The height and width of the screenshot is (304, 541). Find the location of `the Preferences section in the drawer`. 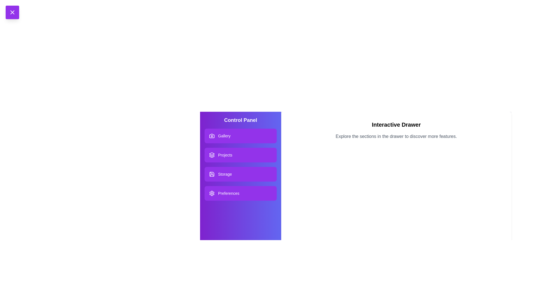

the Preferences section in the drawer is located at coordinates (241, 193).